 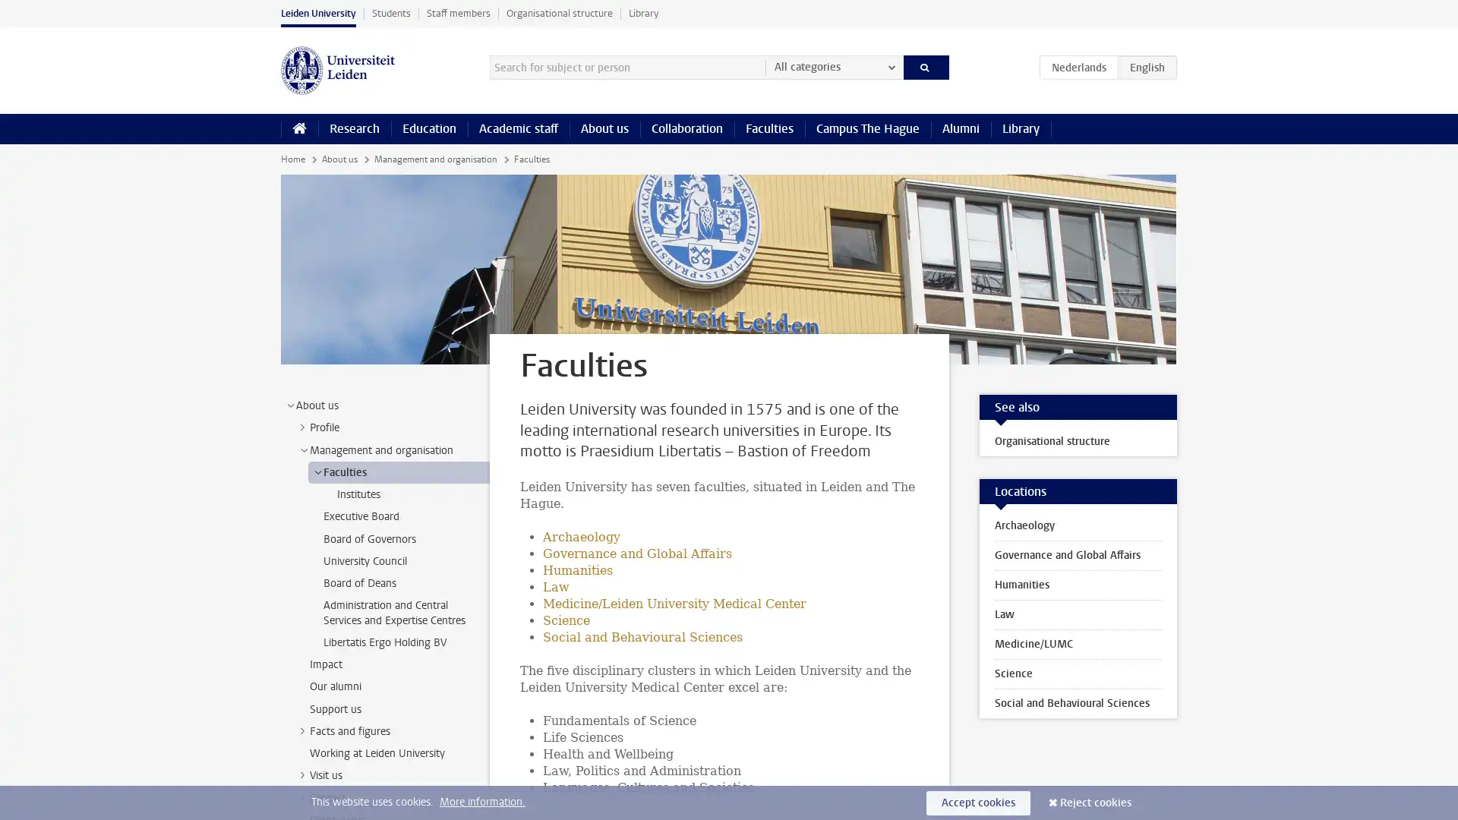 What do you see at coordinates (833, 66) in the screenshot?
I see `All categories` at bounding box center [833, 66].